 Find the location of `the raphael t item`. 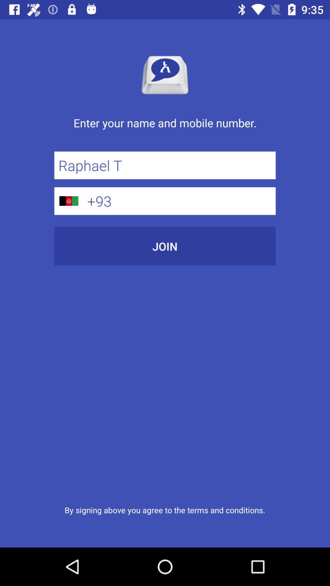

the raphael t item is located at coordinates (165, 165).